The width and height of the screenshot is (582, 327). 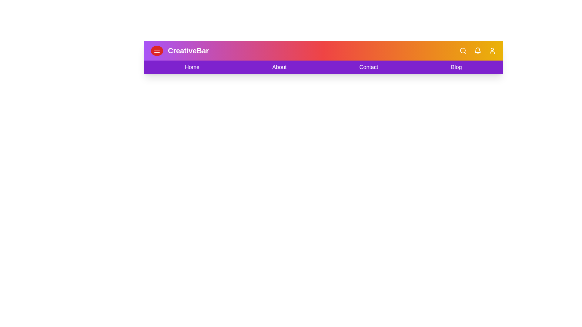 What do you see at coordinates (369, 67) in the screenshot?
I see `the navigation menu item Contact` at bounding box center [369, 67].